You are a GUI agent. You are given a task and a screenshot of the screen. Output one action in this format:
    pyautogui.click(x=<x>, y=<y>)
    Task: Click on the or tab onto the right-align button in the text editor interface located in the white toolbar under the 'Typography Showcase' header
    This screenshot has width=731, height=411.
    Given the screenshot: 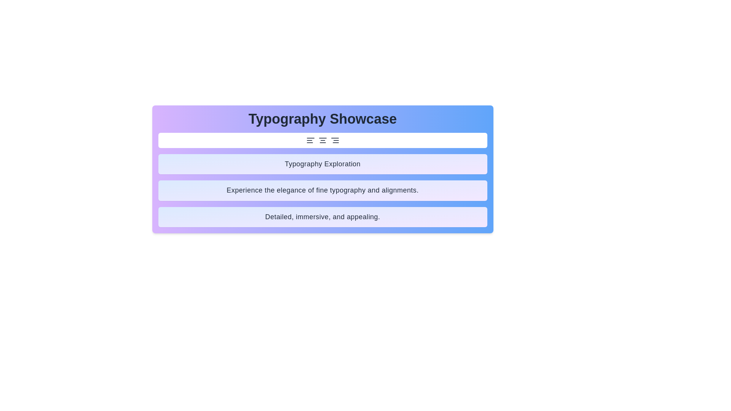 What is the action you would take?
    pyautogui.click(x=335, y=140)
    